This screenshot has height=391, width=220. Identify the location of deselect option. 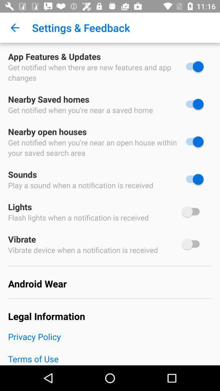
(192, 103).